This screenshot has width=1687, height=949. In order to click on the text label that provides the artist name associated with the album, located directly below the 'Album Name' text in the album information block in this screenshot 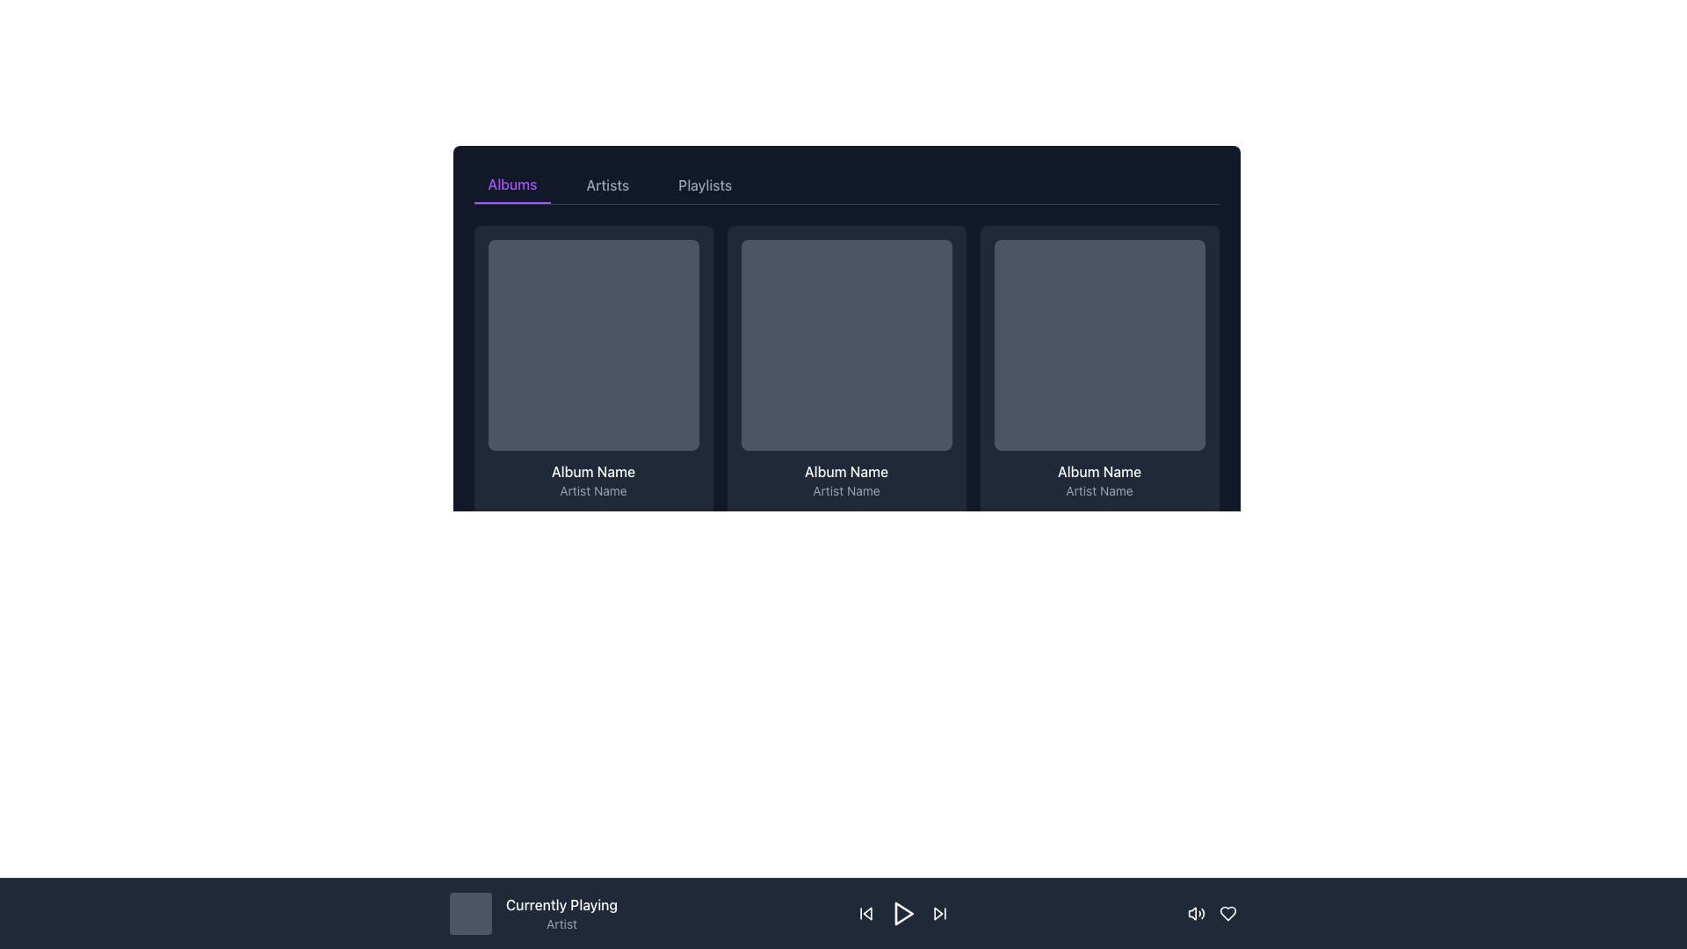, I will do `click(593, 491)`.